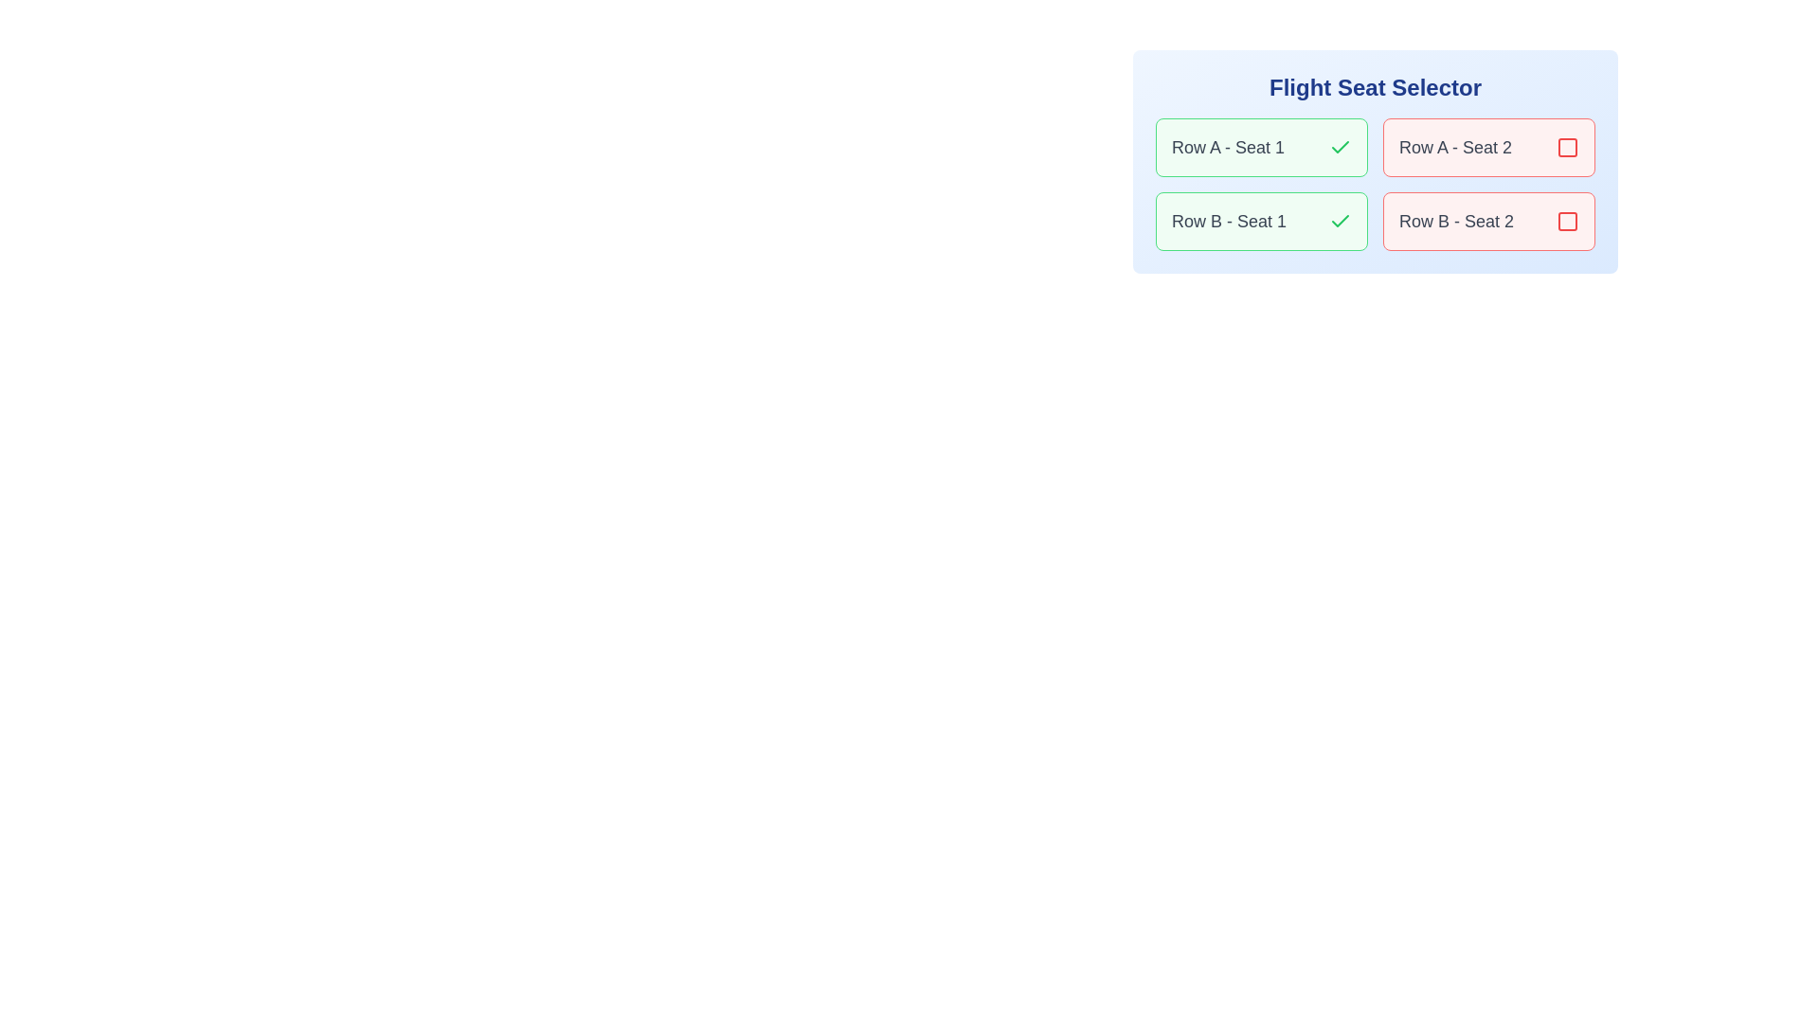  I want to click on the text label that says 'Row A - Seat 1', which is part of a highlighted background and grouped with a tick icon, so click(1228, 146).